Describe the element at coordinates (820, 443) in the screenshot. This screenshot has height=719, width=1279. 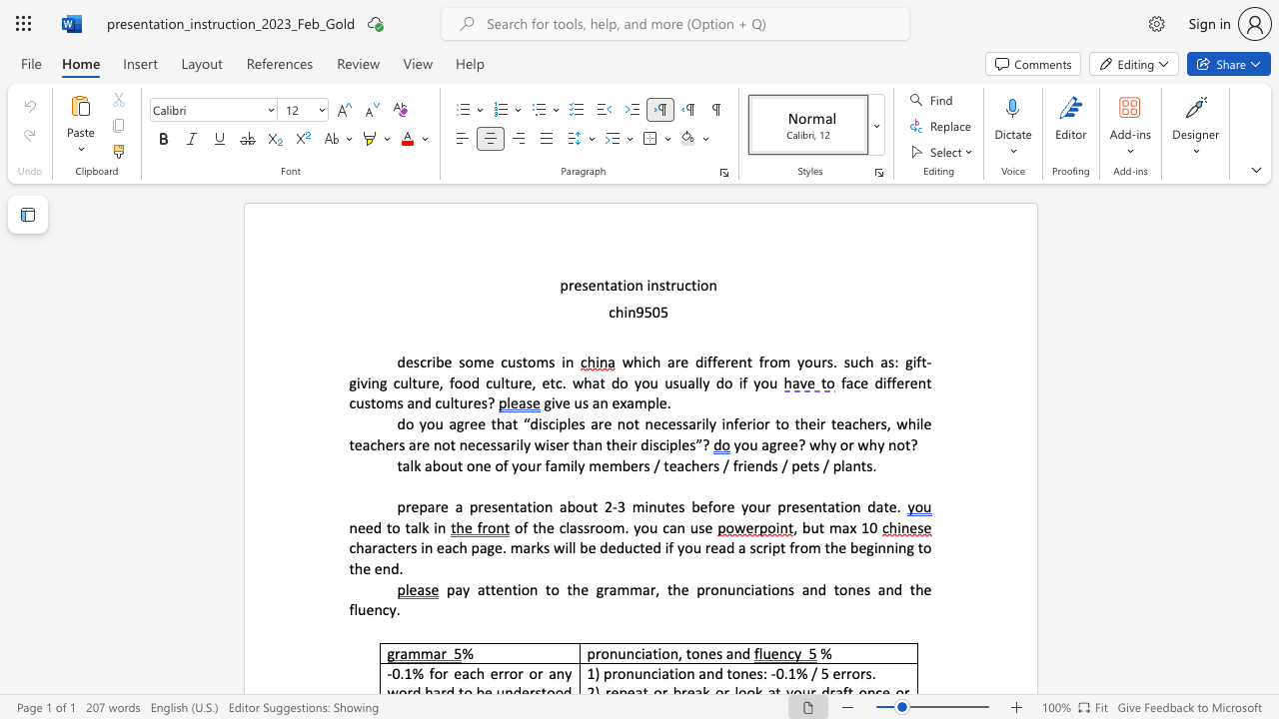
I see `the subset text "hy or why not" within the text "you agree? why or why not?"` at that location.